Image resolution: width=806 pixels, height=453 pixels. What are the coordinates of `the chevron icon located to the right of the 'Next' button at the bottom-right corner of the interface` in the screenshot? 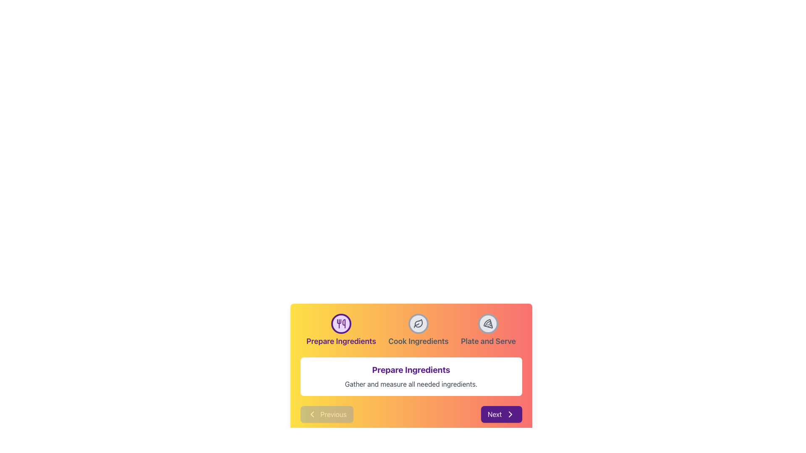 It's located at (510, 414).